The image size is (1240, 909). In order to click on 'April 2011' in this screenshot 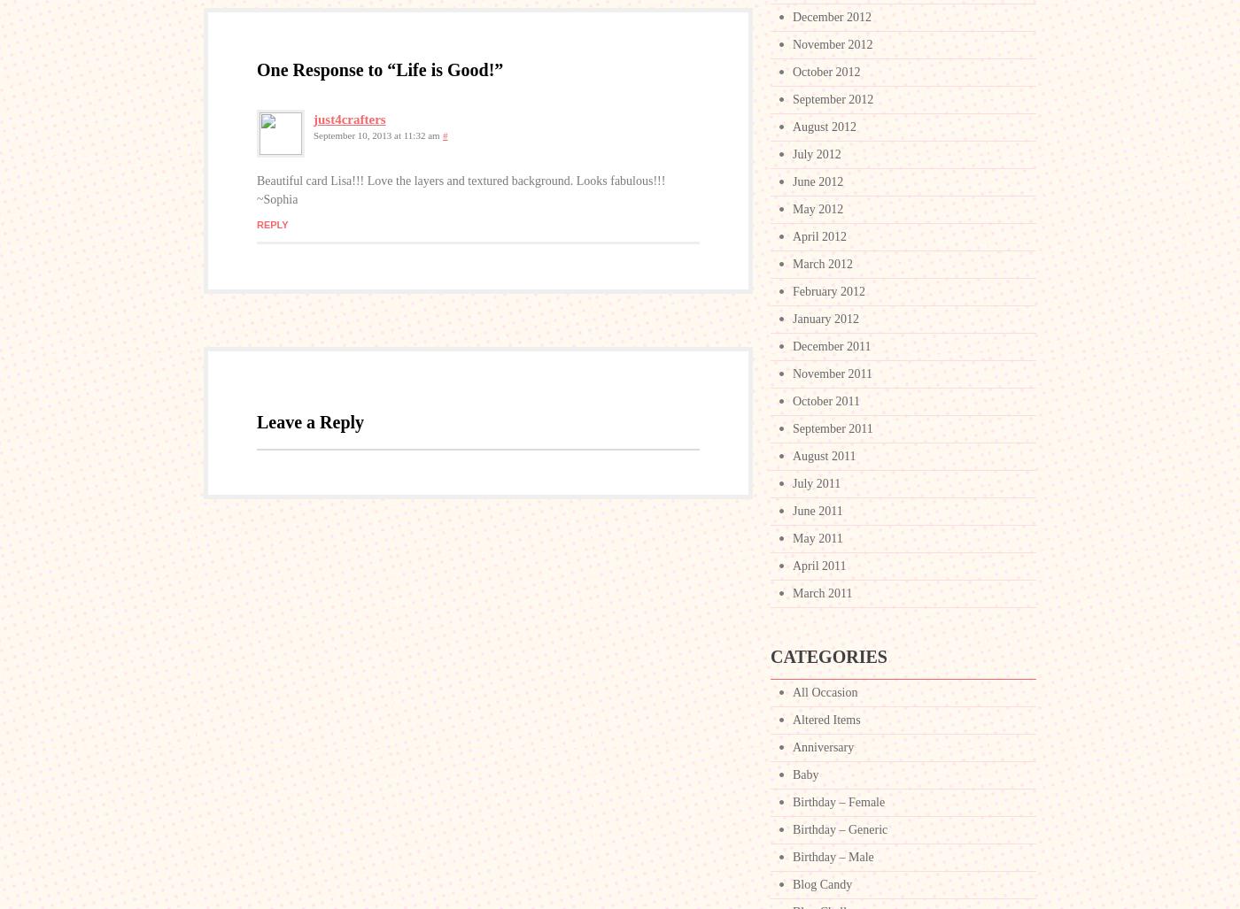, I will do `click(818, 565)`.